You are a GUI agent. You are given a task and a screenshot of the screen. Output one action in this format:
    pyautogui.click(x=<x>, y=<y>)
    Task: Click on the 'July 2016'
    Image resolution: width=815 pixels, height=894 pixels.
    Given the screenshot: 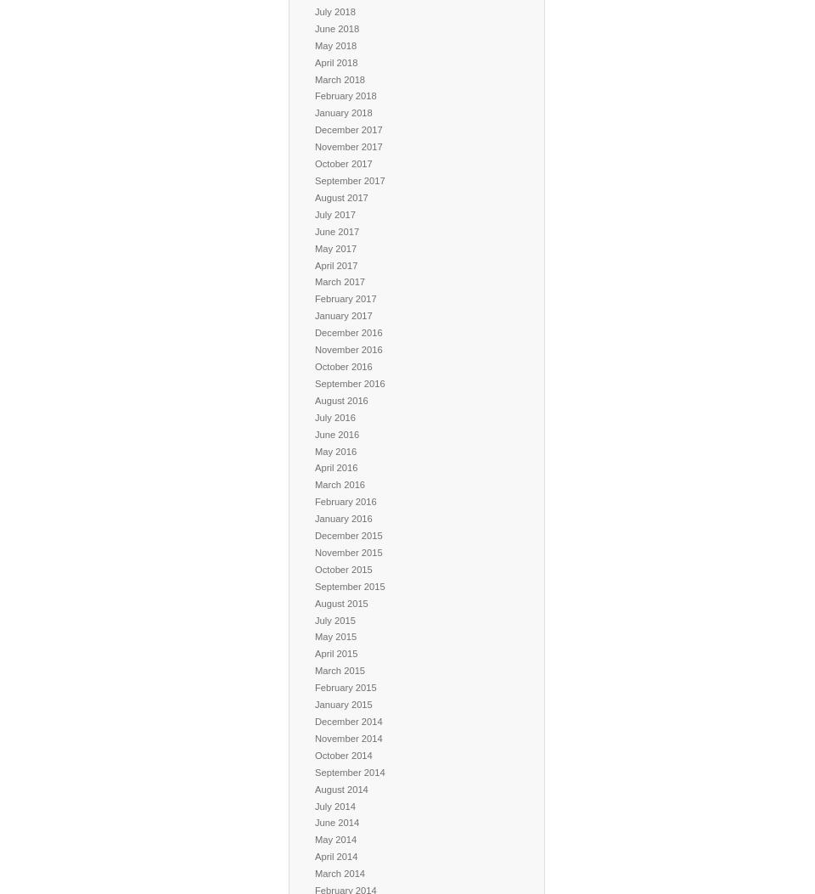 What is the action you would take?
    pyautogui.click(x=334, y=417)
    